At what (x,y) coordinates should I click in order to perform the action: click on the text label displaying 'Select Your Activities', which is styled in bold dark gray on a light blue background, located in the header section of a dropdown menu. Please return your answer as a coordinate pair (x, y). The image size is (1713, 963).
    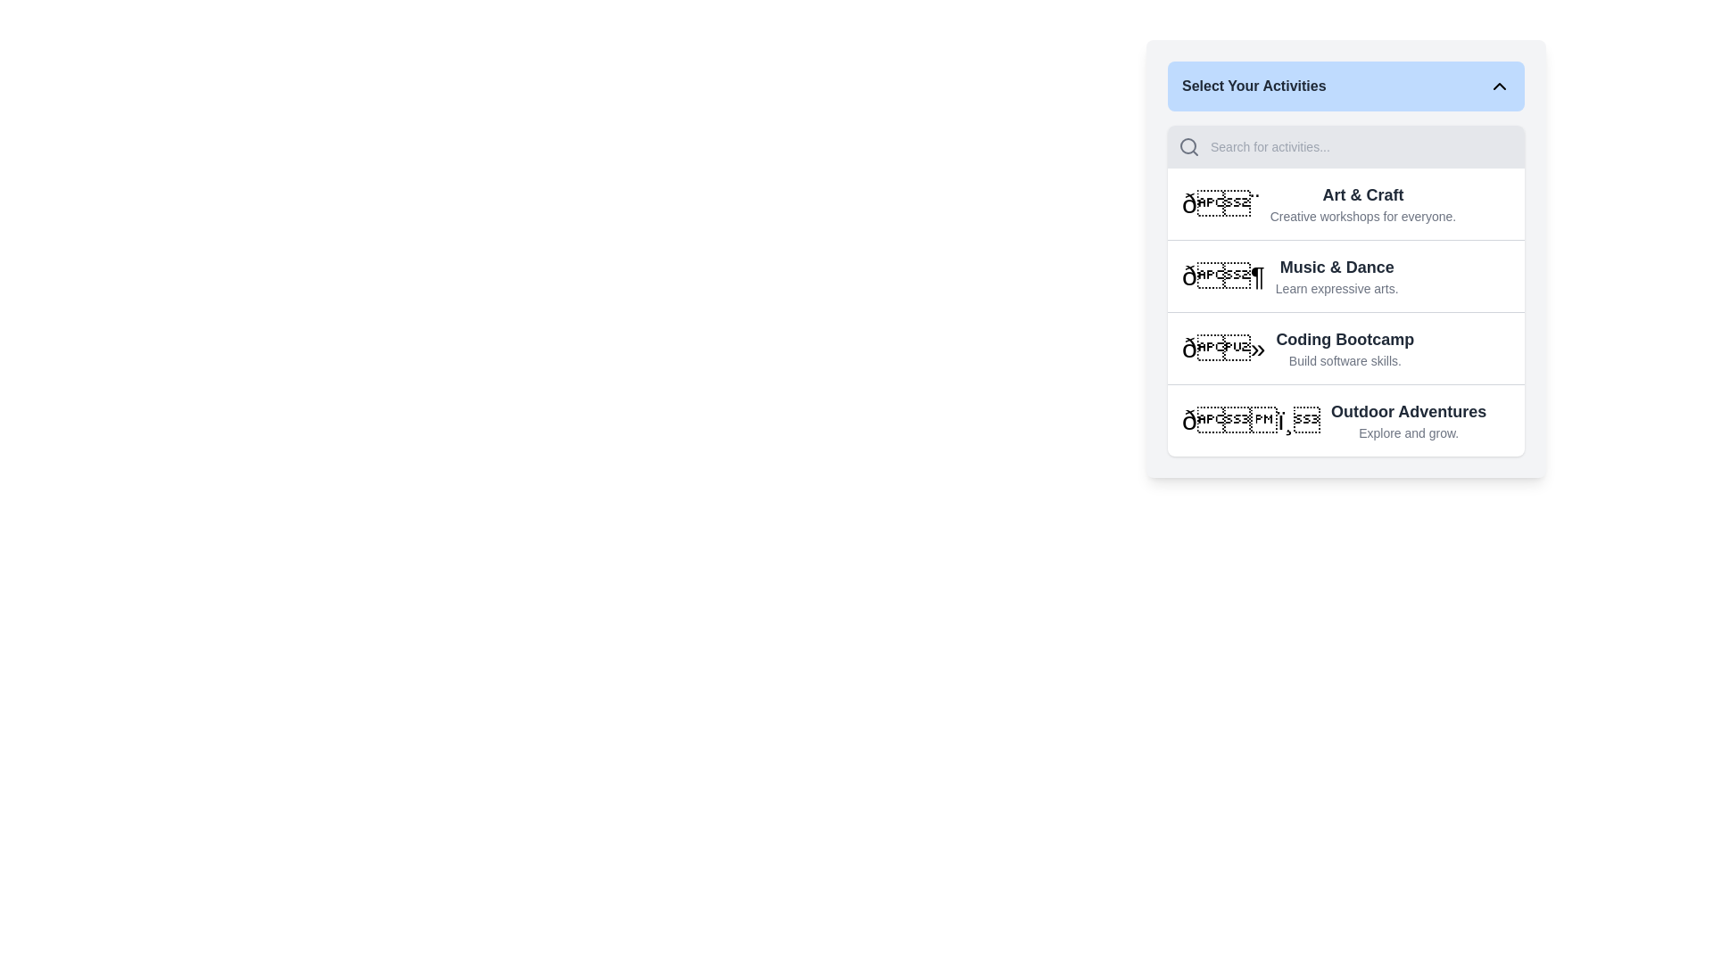
    Looking at the image, I should click on (1253, 86).